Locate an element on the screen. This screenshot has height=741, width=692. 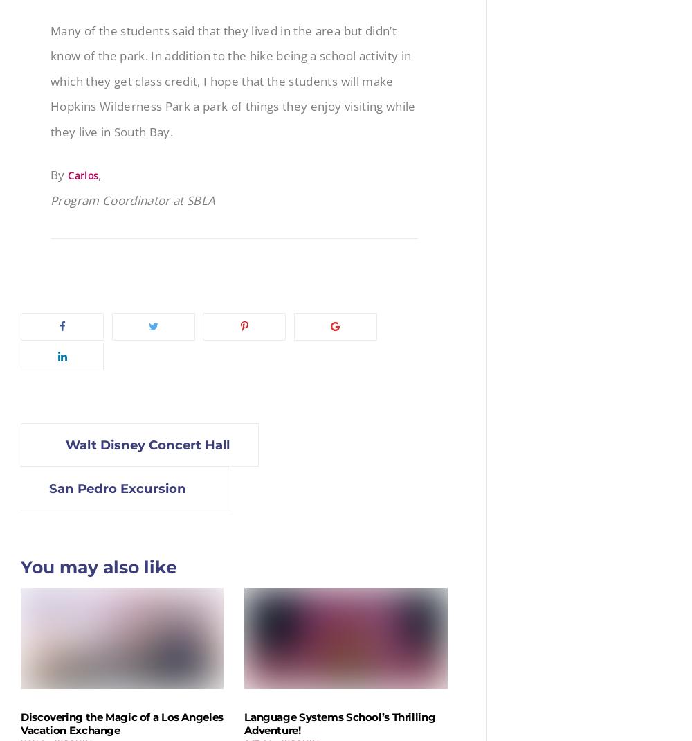
'By' is located at coordinates (50, 173).